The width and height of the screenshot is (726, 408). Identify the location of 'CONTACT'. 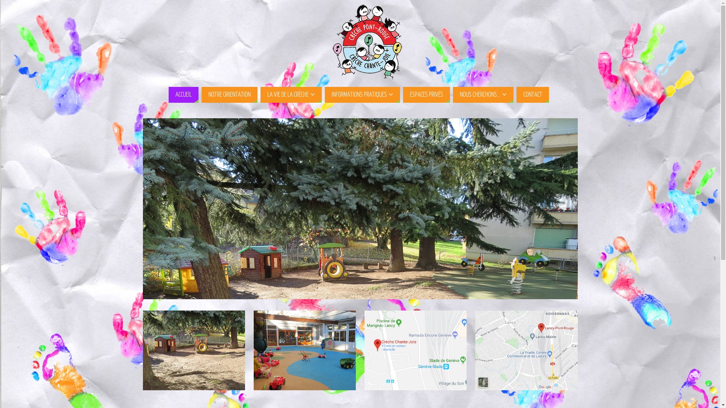
(532, 94).